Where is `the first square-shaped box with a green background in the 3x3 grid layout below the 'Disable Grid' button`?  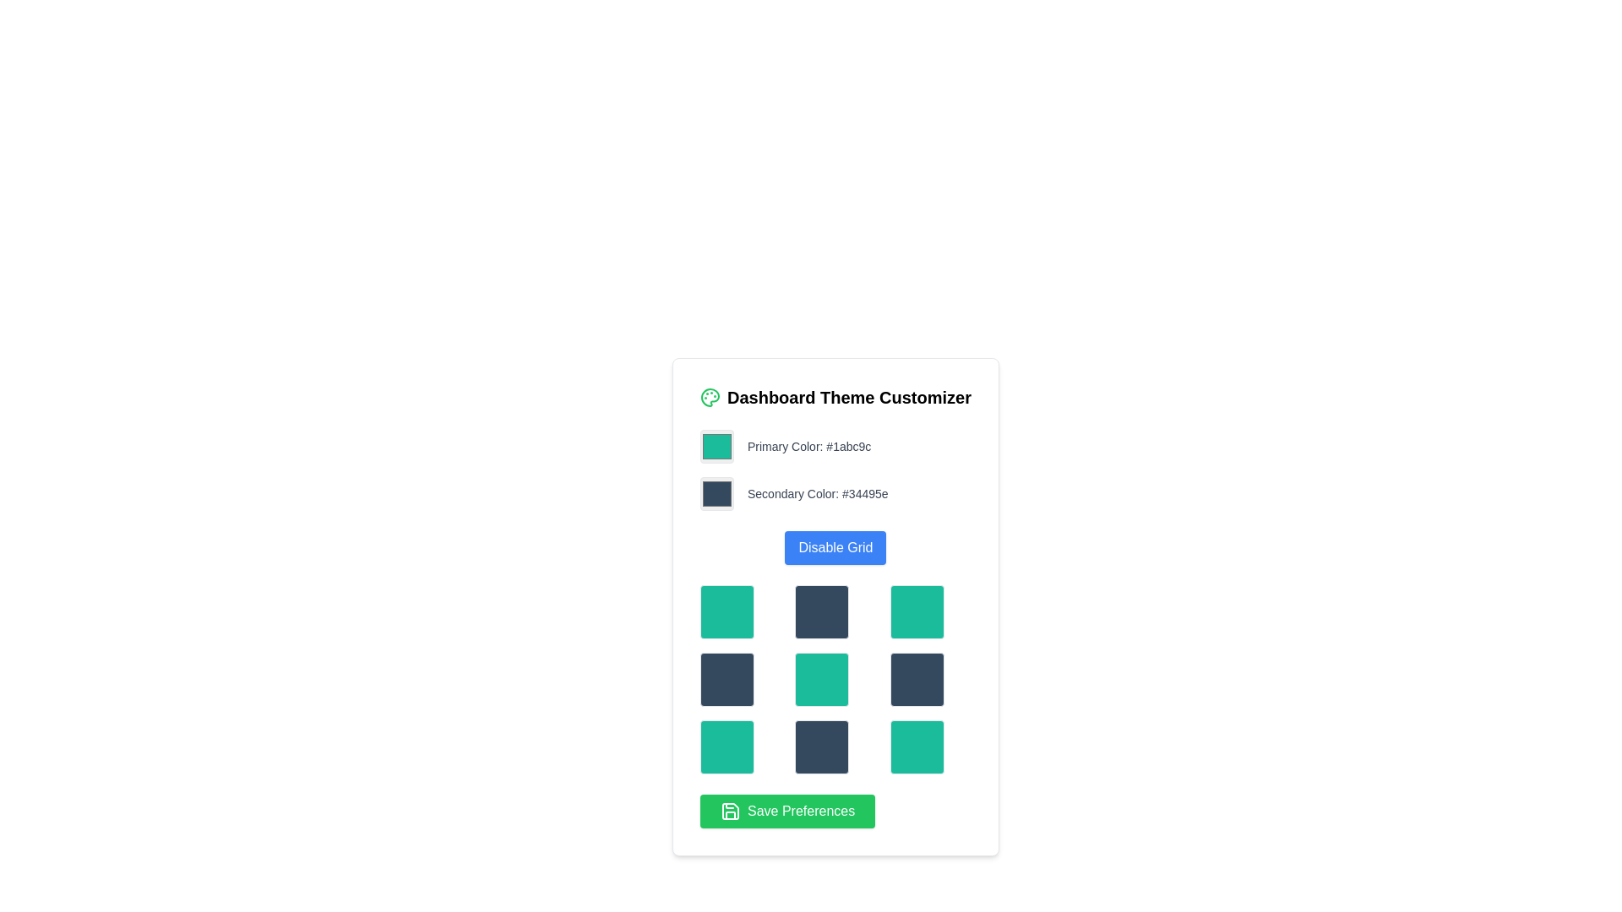 the first square-shaped box with a green background in the 3x3 grid layout below the 'Disable Grid' button is located at coordinates (727, 612).